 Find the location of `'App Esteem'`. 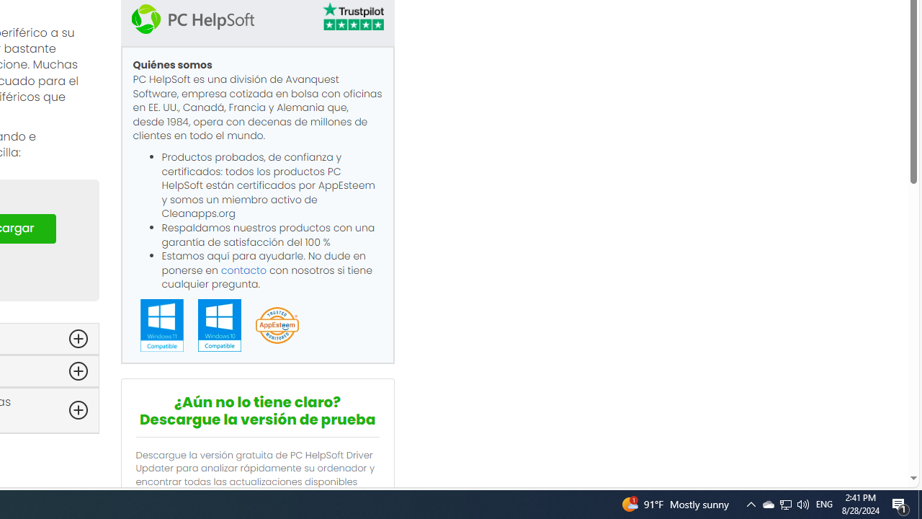

'App Esteem' is located at coordinates (277, 326).